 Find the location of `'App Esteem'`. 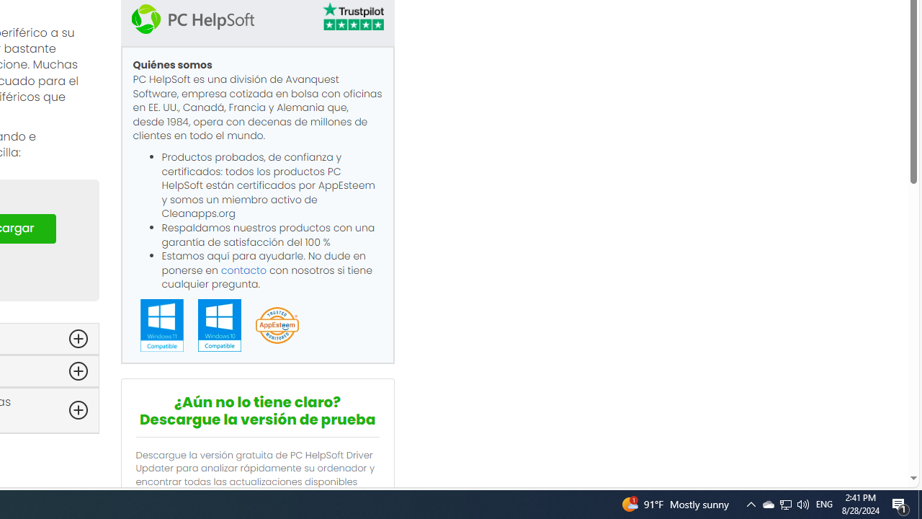

'App Esteem' is located at coordinates (277, 326).